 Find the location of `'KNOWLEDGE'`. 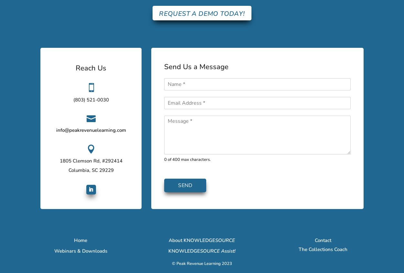

'KNOWLEDGE' is located at coordinates (184, 251).